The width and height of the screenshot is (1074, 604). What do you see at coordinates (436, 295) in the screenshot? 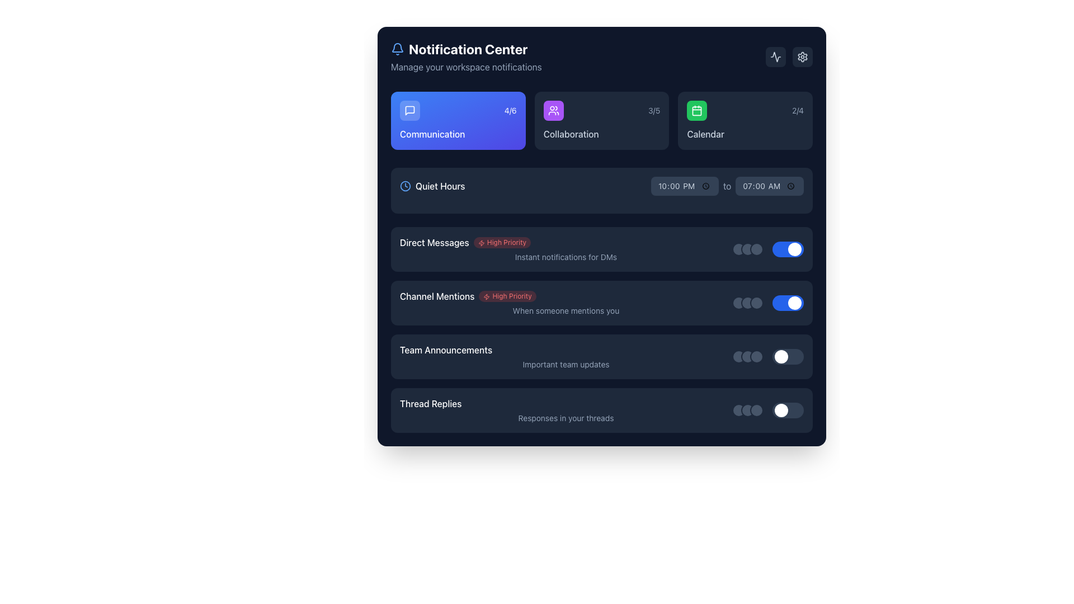
I see `the 'Channel Mentions' text label, which indicates the type of alerts for mentions in a channel, located in the notification settings section just below 'Direct Messages.'` at bounding box center [436, 295].